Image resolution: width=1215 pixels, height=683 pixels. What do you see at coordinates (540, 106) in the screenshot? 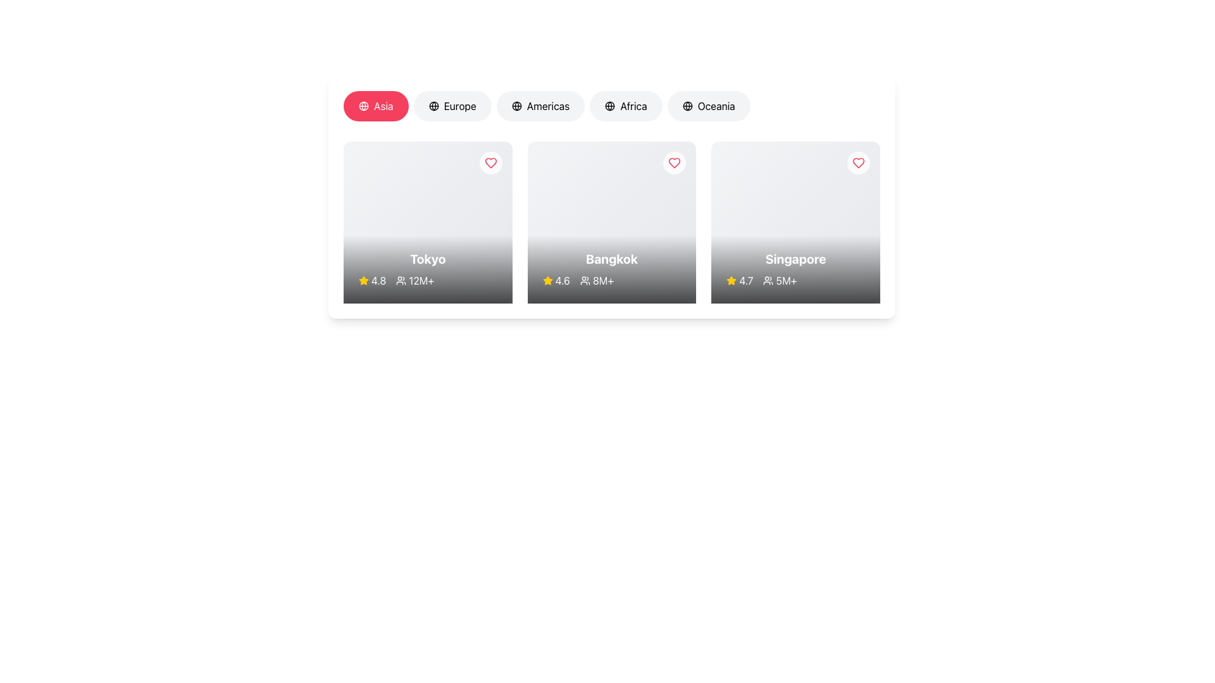
I see `the 'Americas' filter button for keyboard navigation` at bounding box center [540, 106].